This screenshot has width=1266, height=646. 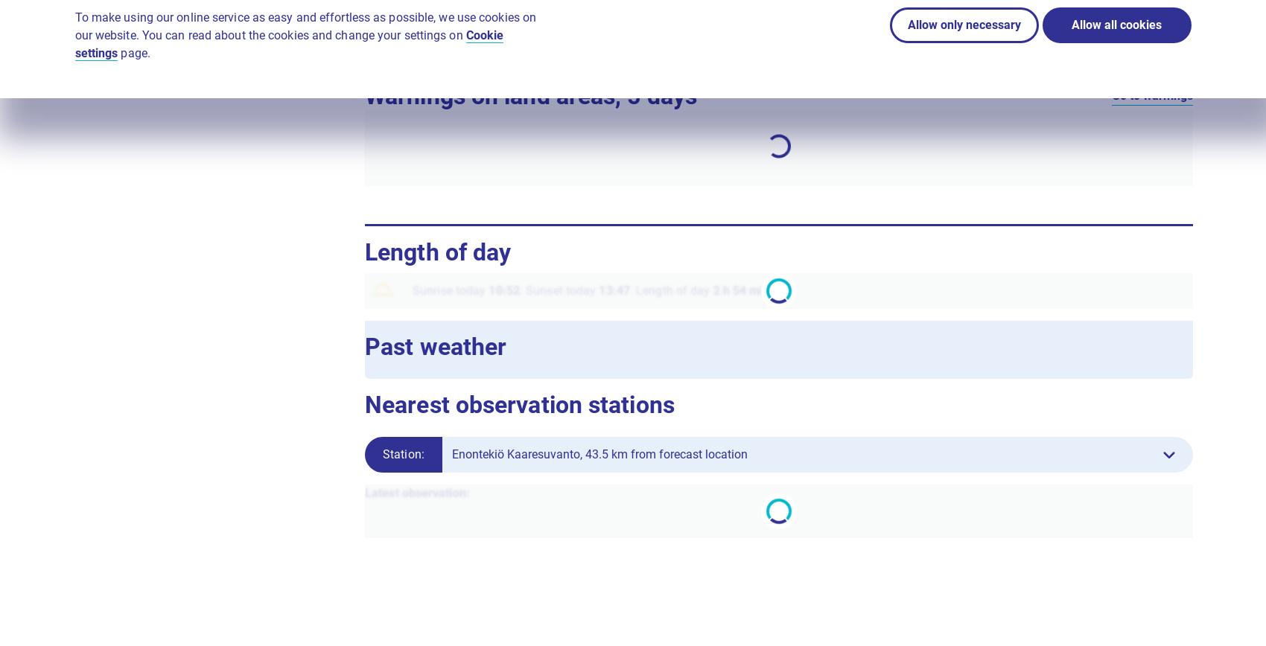 I want to click on 'Tue', so click(x=923, y=151).